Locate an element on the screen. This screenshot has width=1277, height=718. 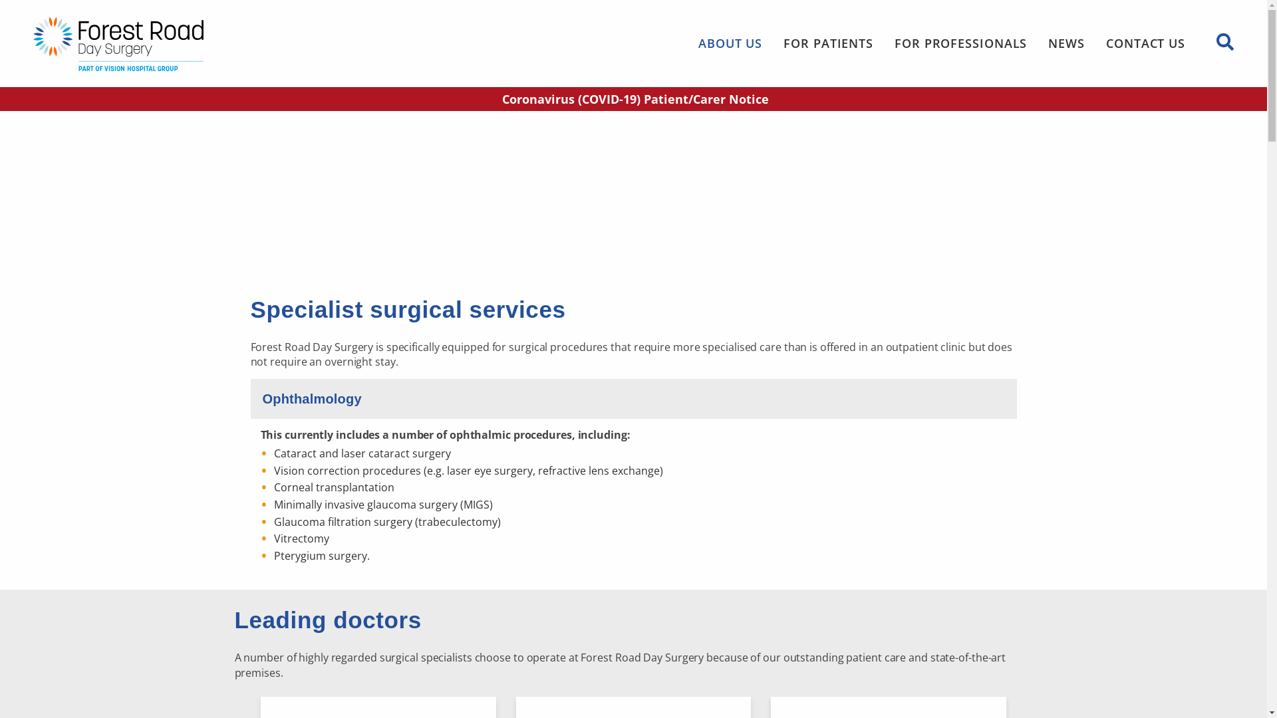
'CONTACT US' is located at coordinates (1145, 43).